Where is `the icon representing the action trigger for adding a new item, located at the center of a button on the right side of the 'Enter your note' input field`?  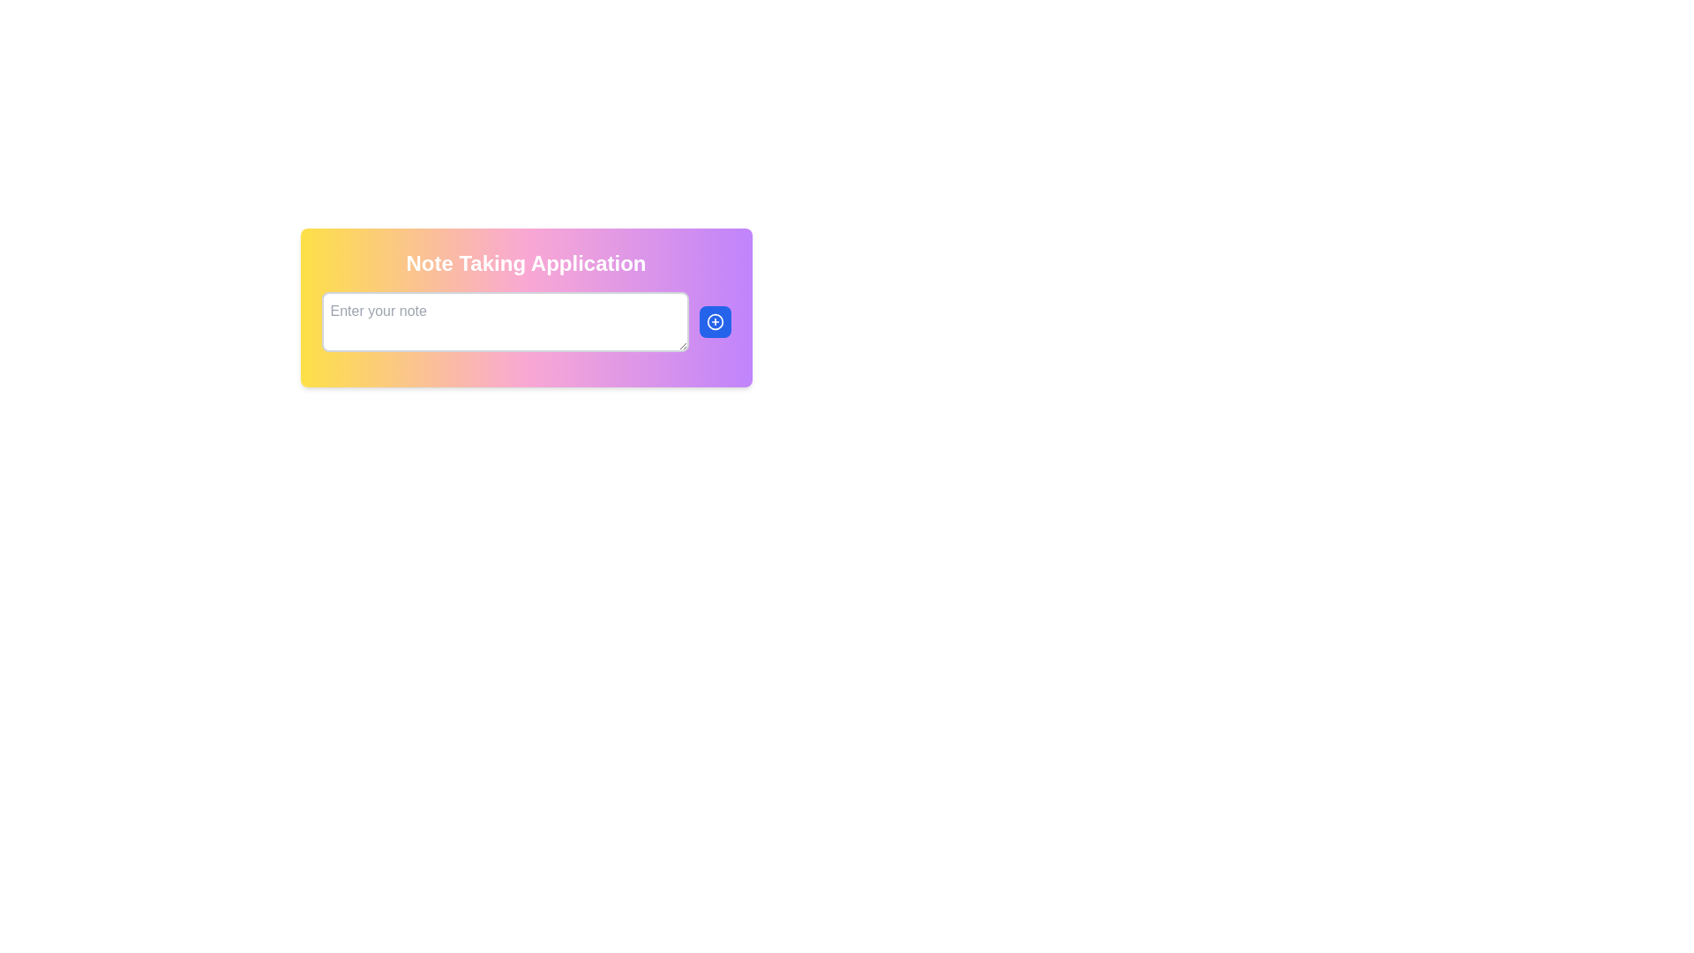
the icon representing the action trigger for adding a new item, located at the center of a button on the right side of the 'Enter your note' input field is located at coordinates (715, 322).